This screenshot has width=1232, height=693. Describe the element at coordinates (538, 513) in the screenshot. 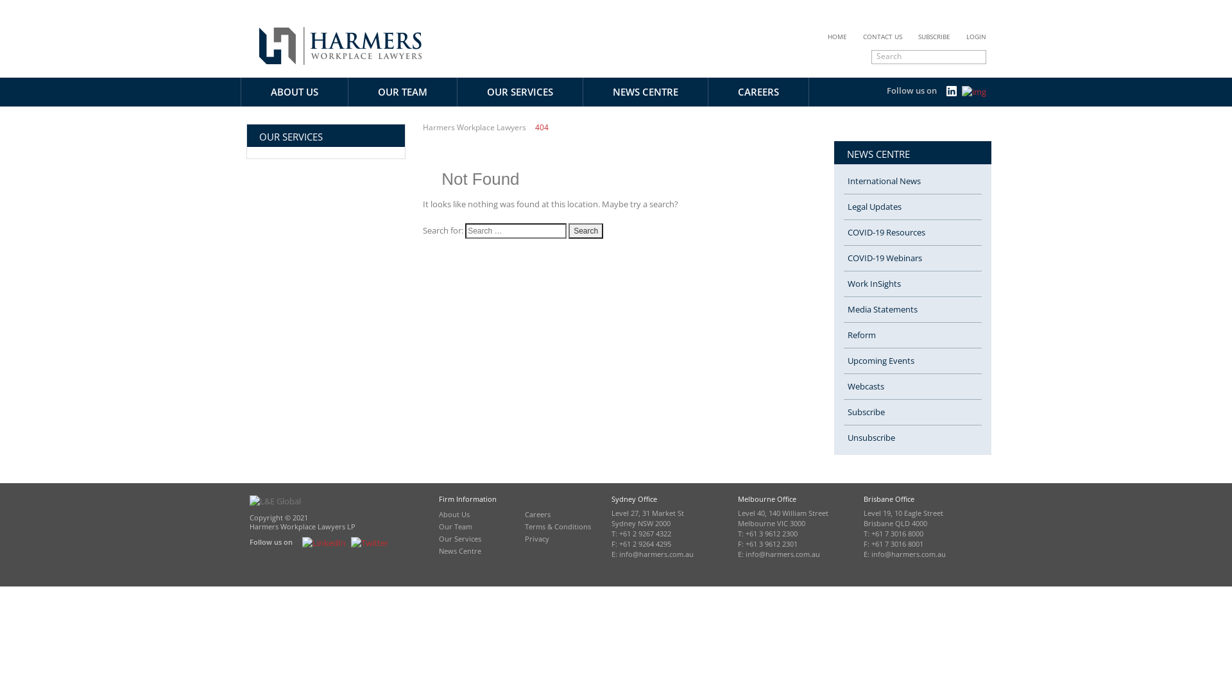

I see `'Careers'` at that location.